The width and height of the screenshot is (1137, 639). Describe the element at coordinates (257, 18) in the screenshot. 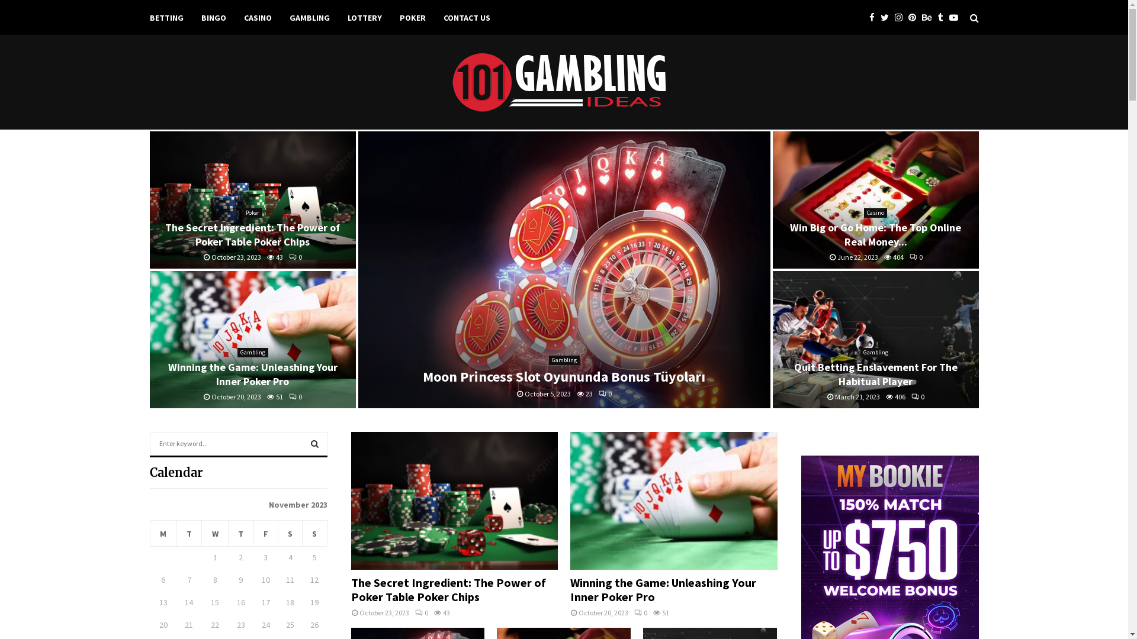

I see `'CASINO'` at that location.